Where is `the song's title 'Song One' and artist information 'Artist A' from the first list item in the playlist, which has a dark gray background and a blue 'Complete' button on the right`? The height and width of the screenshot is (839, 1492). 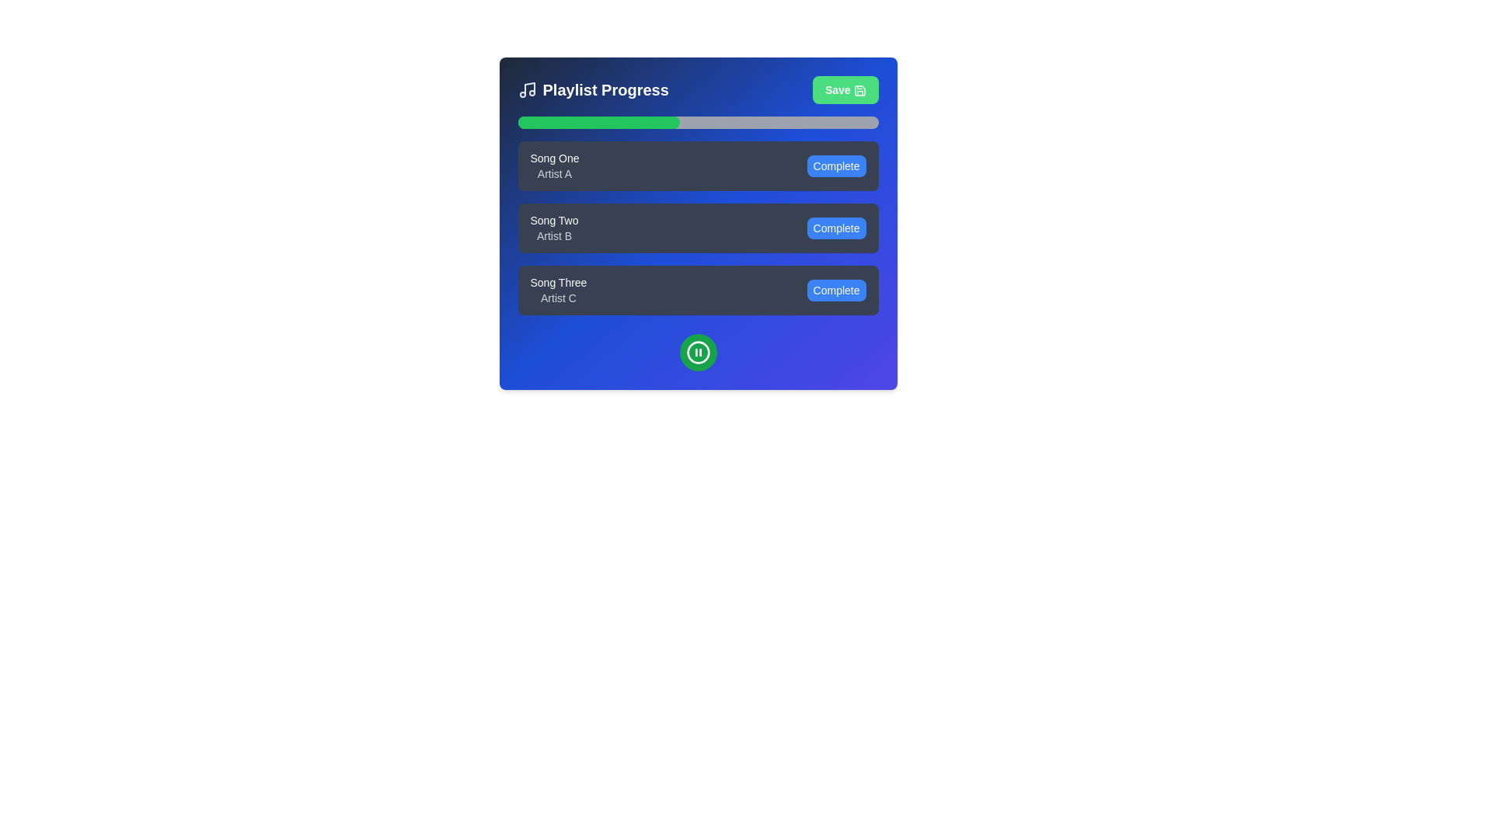 the song's title 'Song One' and artist information 'Artist A' from the first list item in the playlist, which has a dark gray background and a blue 'Complete' button on the right is located at coordinates (697, 165).